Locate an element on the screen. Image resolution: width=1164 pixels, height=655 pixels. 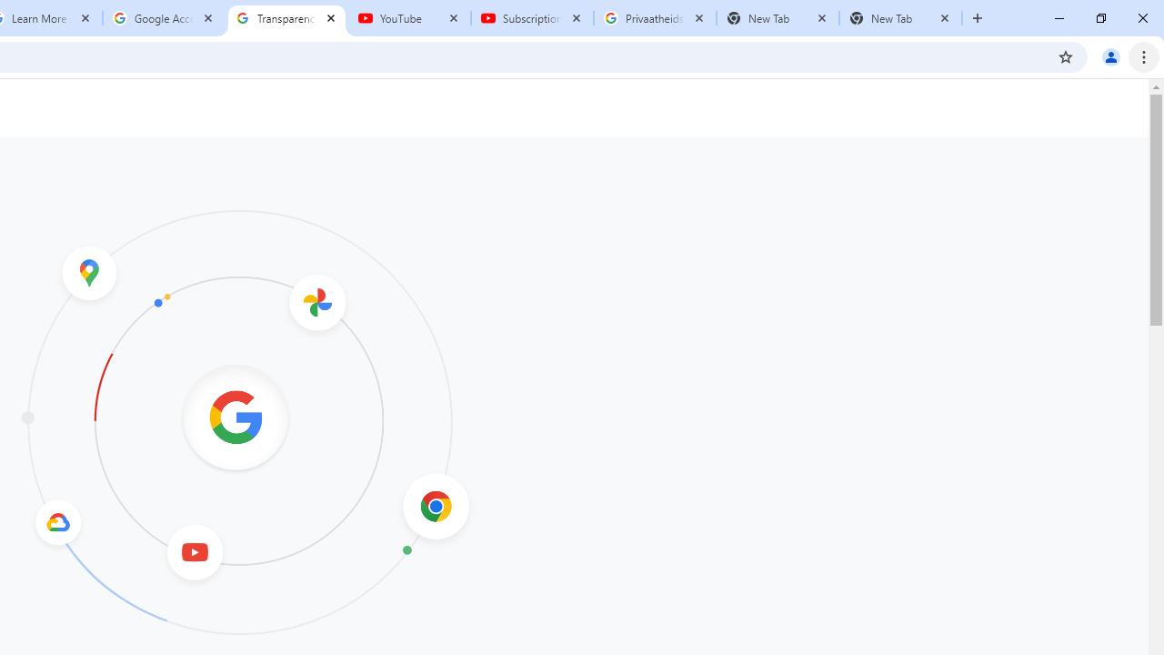
'YouTube' is located at coordinates (408, 18).